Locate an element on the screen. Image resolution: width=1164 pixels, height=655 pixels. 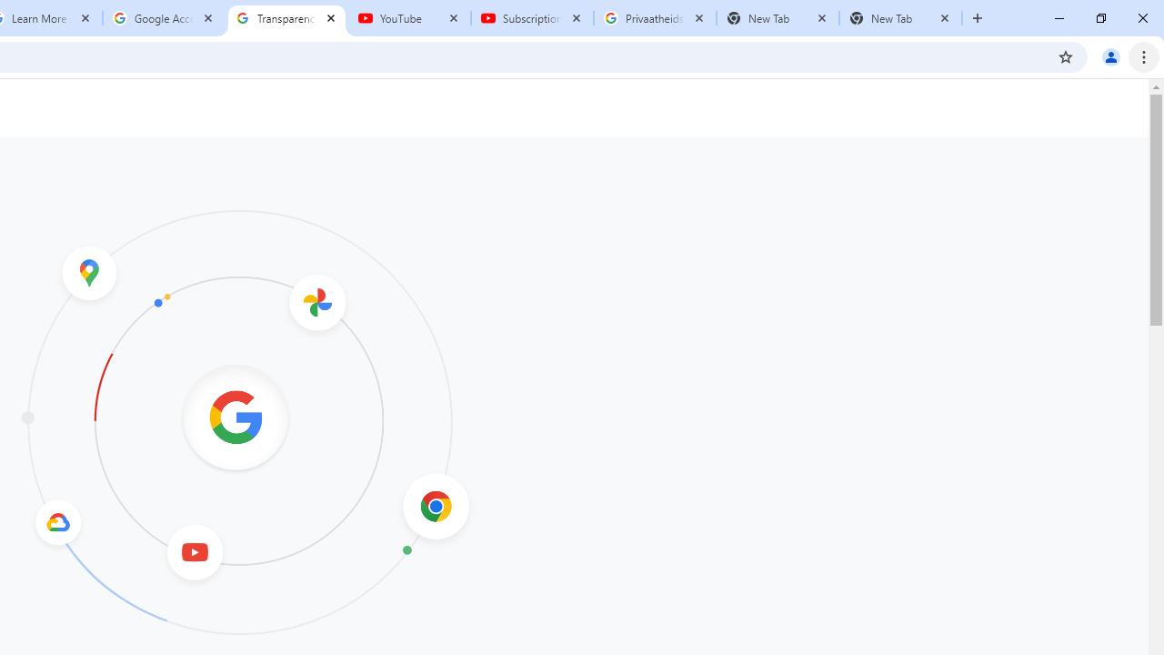
'YouTube' is located at coordinates (408, 18).